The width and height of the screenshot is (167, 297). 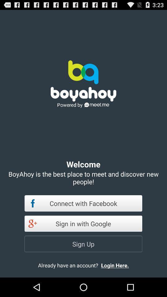 What do you see at coordinates (83, 223) in the screenshot?
I see `item below the connect with facebook item` at bounding box center [83, 223].